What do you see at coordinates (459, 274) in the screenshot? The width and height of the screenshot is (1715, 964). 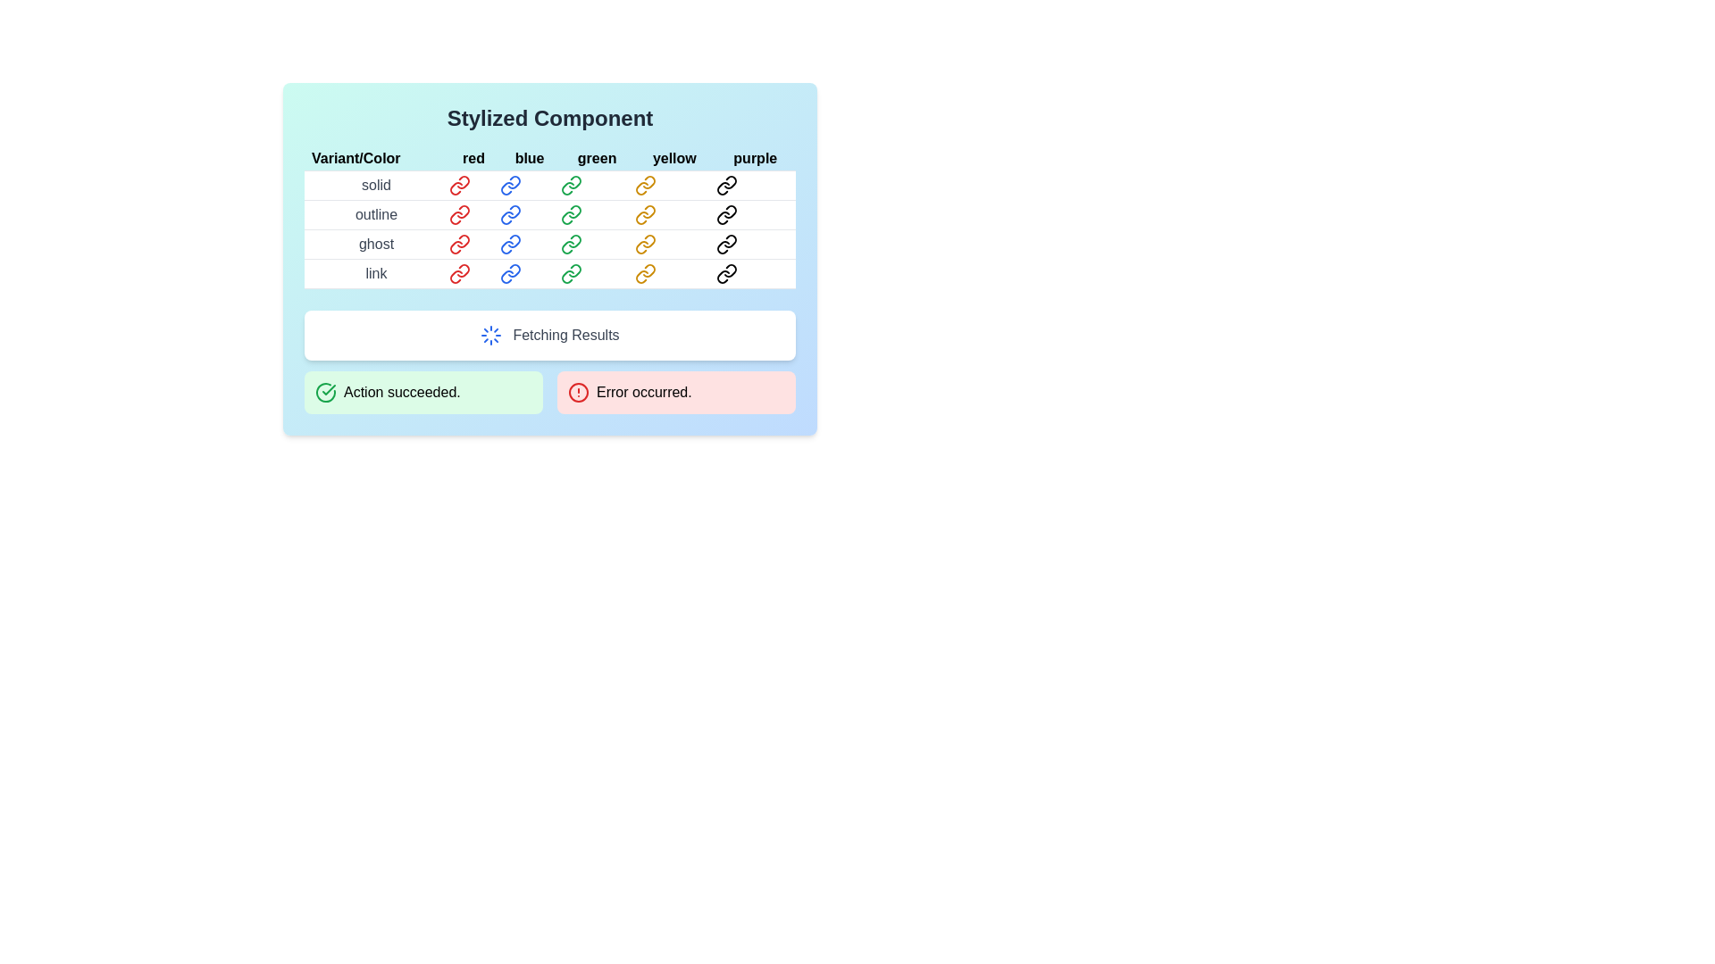 I see `the Hyperlink icon, which resembles a linked chain segment in red color, located in the 'link' row and 'red' column under the 'Stylized Component' table` at bounding box center [459, 274].